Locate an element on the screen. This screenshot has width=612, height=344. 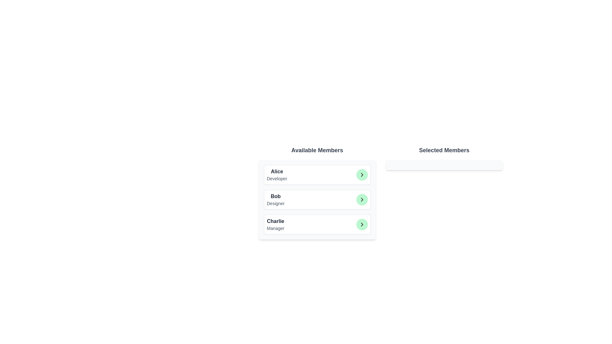
the button corresponding to Charlie to observe the hover effect is located at coordinates (362, 224).